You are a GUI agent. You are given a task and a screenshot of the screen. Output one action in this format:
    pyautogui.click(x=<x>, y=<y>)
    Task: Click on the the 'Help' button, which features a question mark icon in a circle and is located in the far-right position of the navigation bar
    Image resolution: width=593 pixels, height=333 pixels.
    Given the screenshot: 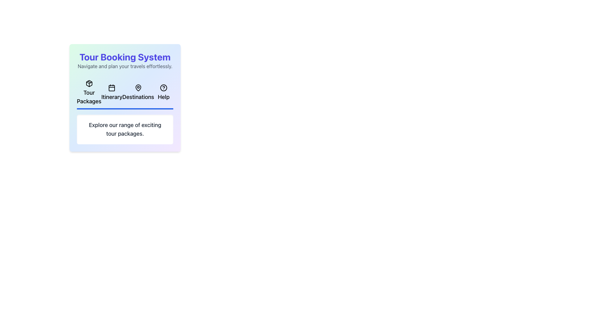 What is the action you would take?
    pyautogui.click(x=163, y=93)
    